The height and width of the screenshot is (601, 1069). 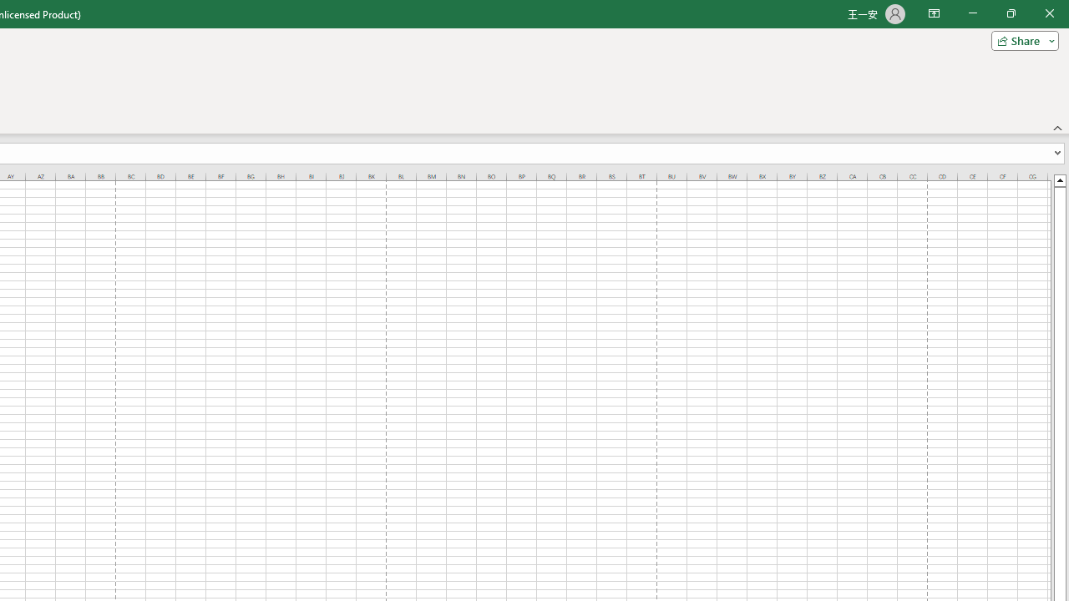 I want to click on 'Share', so click(x=1021, y=39).